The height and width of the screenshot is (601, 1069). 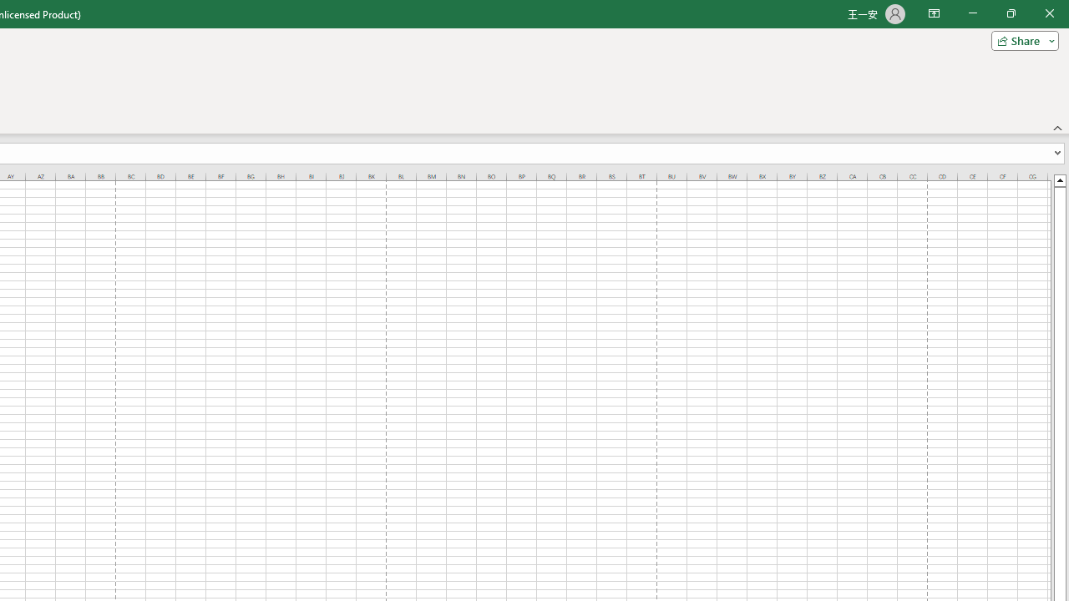 I want to click on 'Share', so click(x=1021, y=39).